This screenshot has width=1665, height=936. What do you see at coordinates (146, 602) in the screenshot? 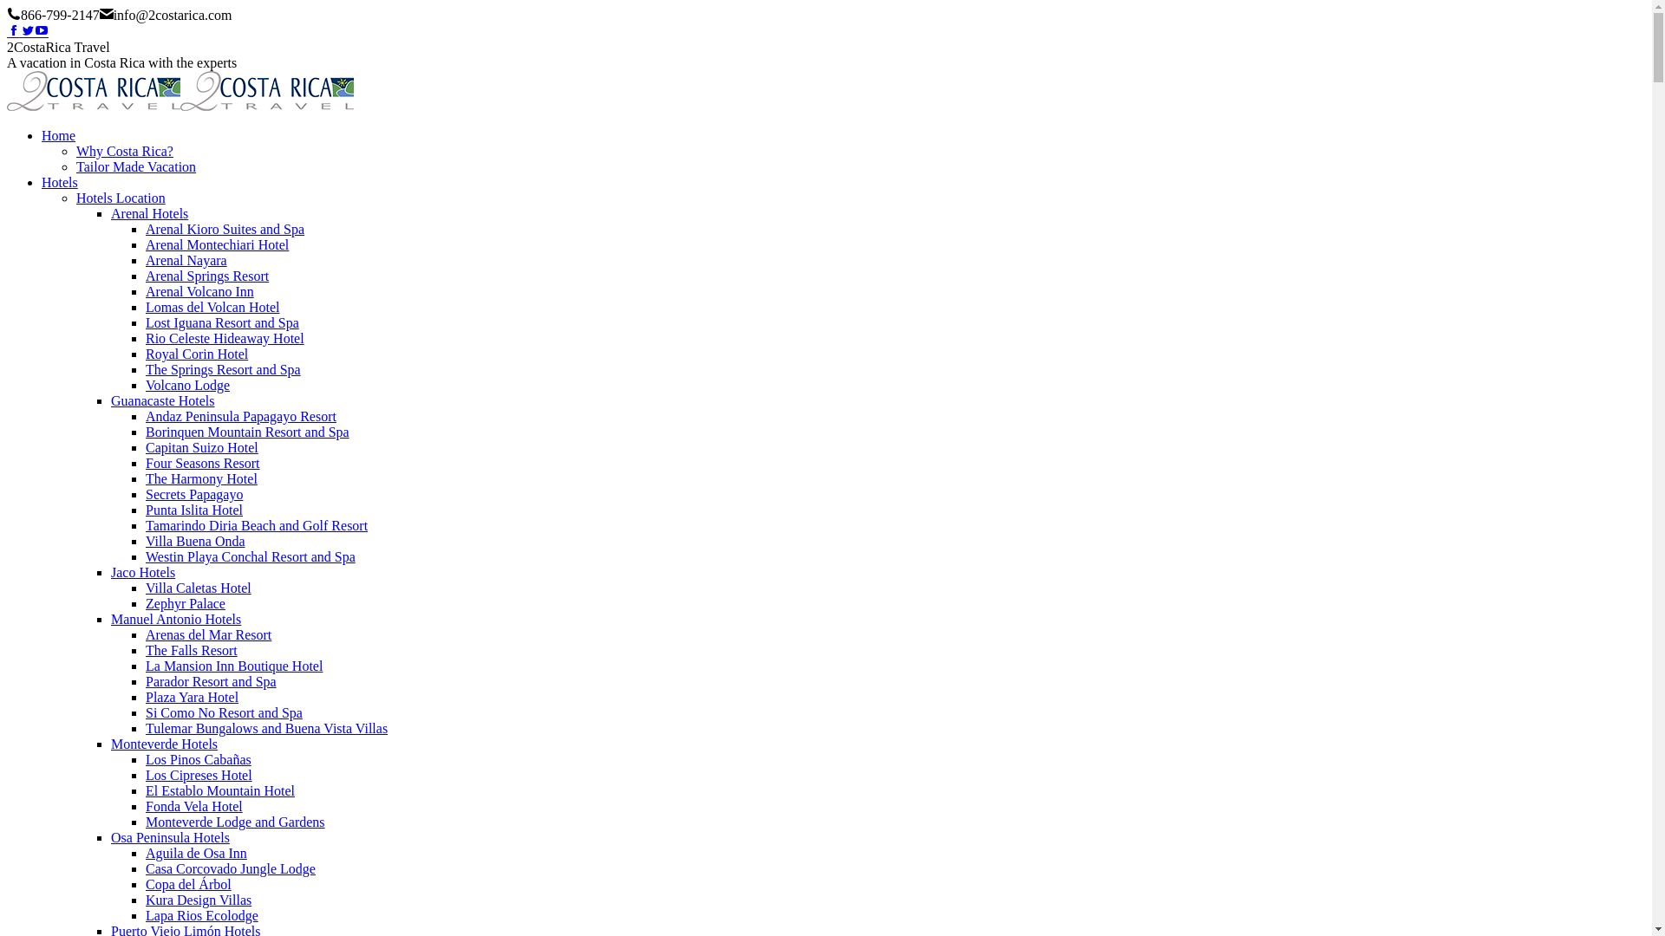
I see `'Zephyr Palace'` at bounding box center [146, 602].